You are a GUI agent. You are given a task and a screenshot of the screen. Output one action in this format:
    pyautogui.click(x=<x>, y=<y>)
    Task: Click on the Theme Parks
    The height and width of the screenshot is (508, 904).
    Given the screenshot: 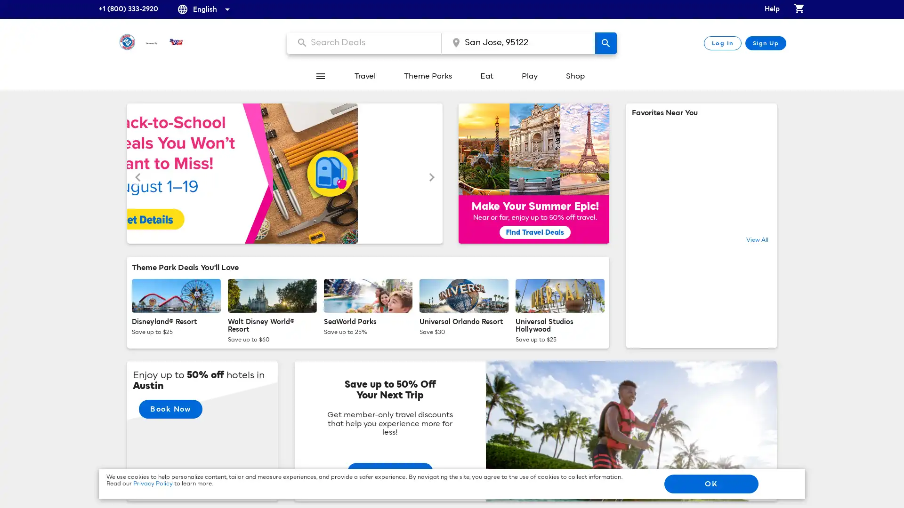 What is the action you would take?
    pyautogui.click(x=427, y=79)
    